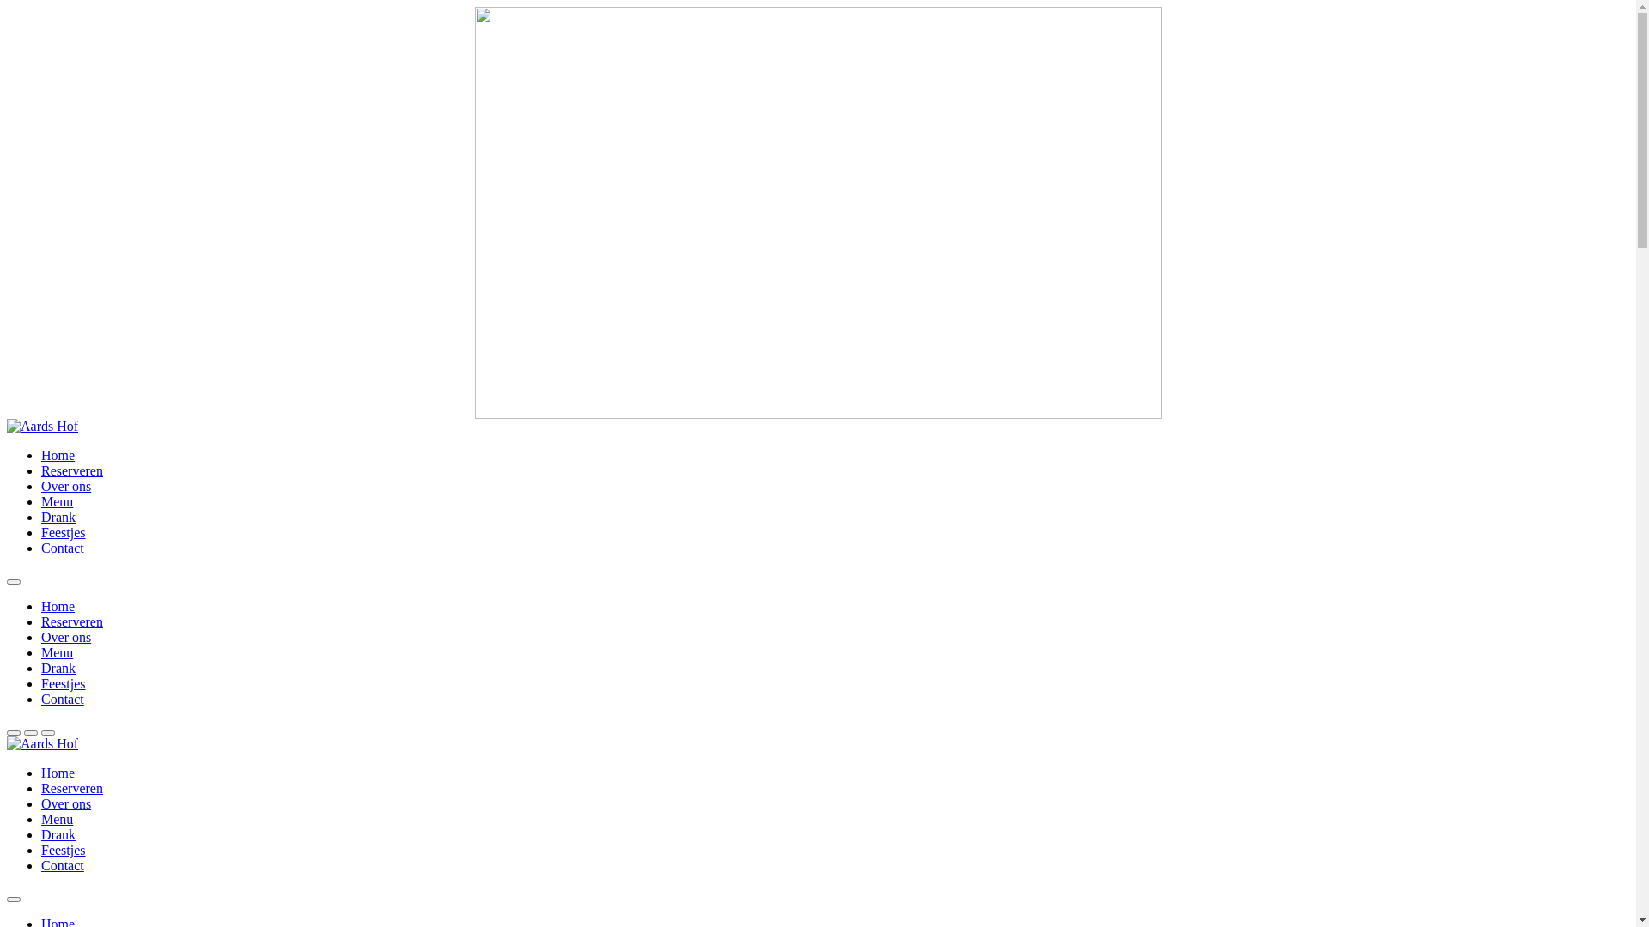 Image resolution: width=1649 pixels, height=927 pixels. Describe the element at coordinates (65, 637) in the screenshot. I see `'Over ons'` at that location.